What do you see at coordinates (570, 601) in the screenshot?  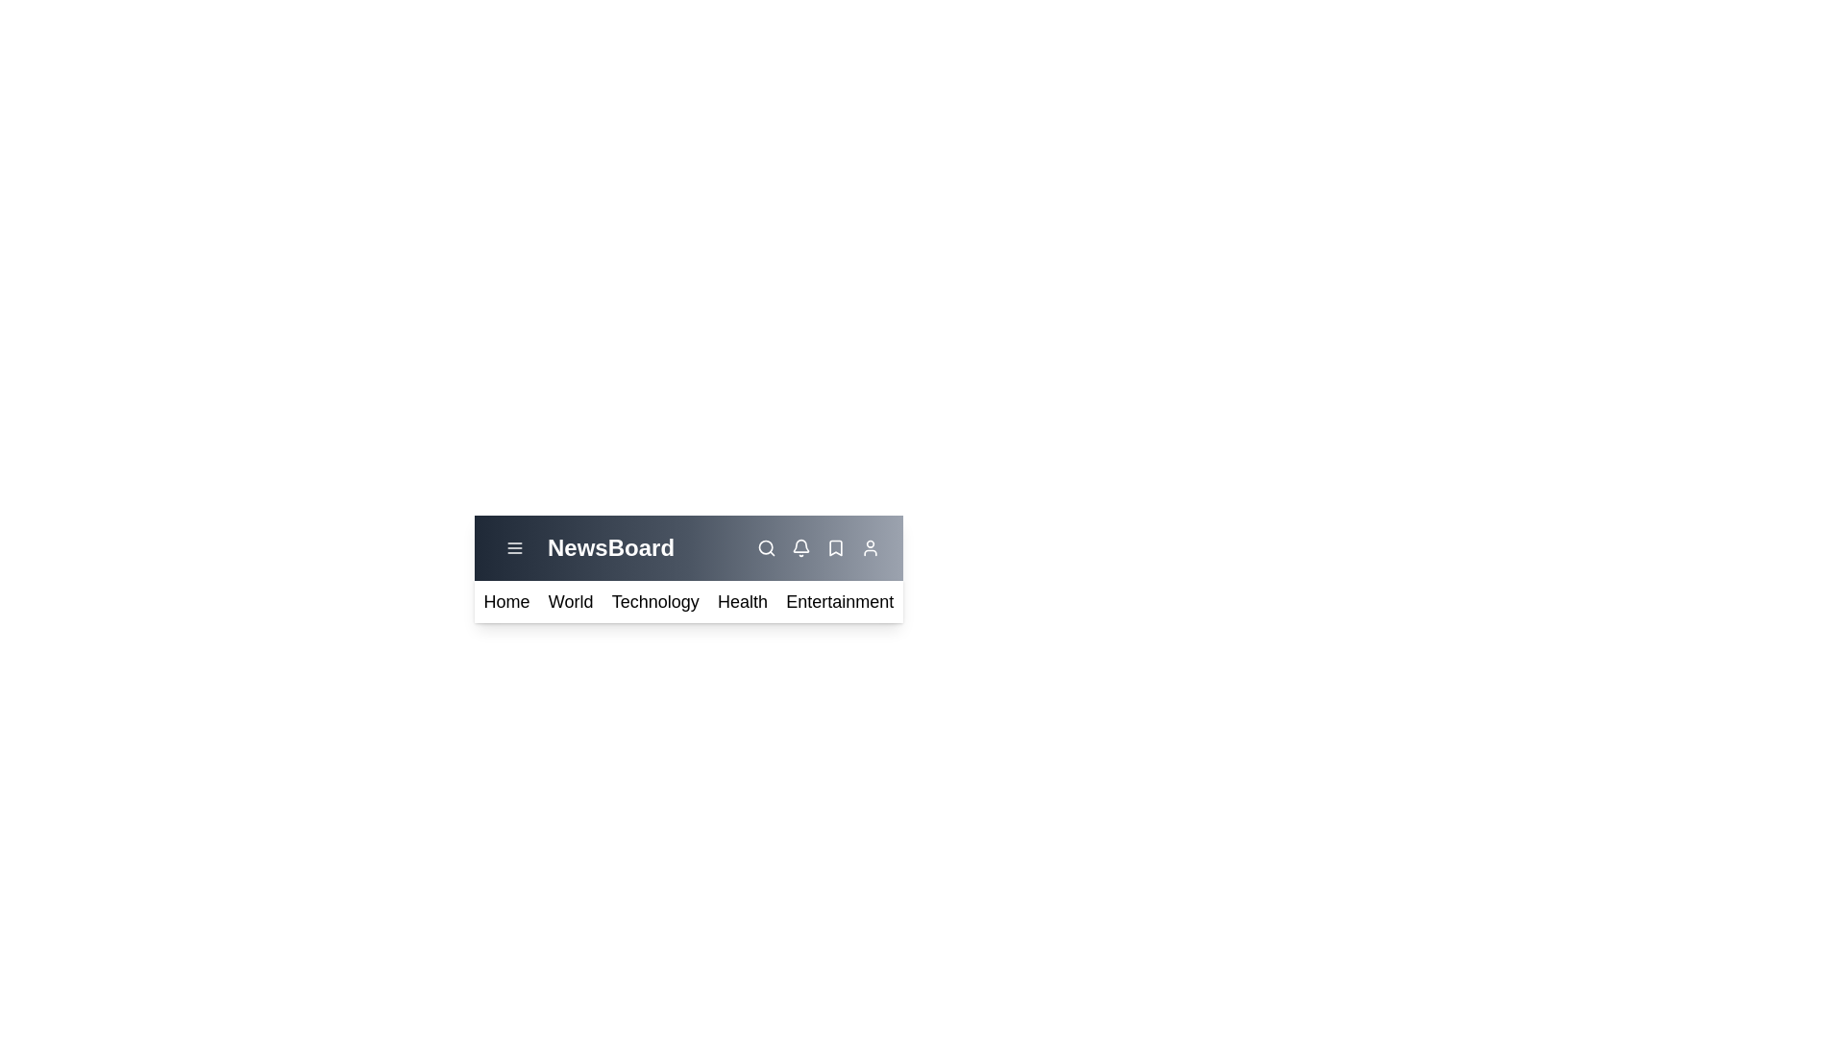 I see `the category World from the menu` at bounding box center [570, 601].